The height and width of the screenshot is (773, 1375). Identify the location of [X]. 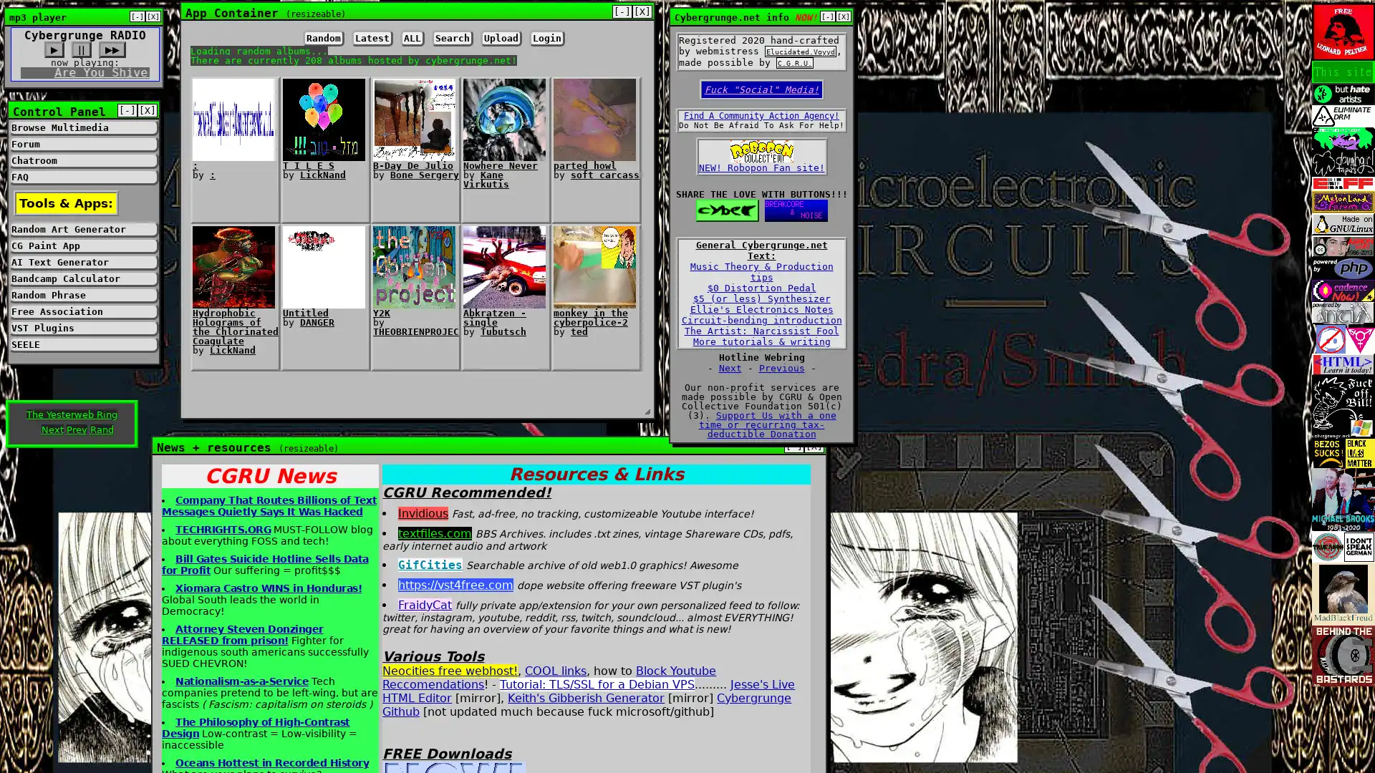
(153, 16).